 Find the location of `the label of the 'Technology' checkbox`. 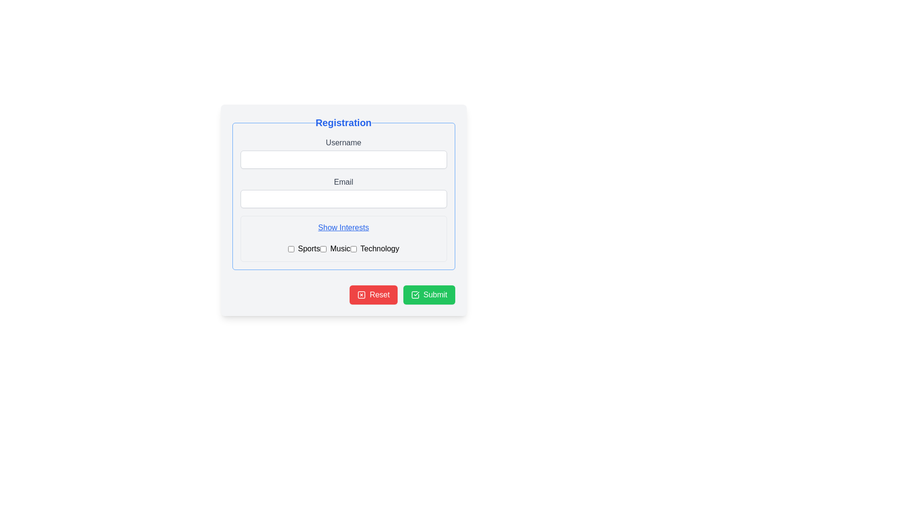

the label of the 'Technology' checkbox is located at coordinates (374, 248).